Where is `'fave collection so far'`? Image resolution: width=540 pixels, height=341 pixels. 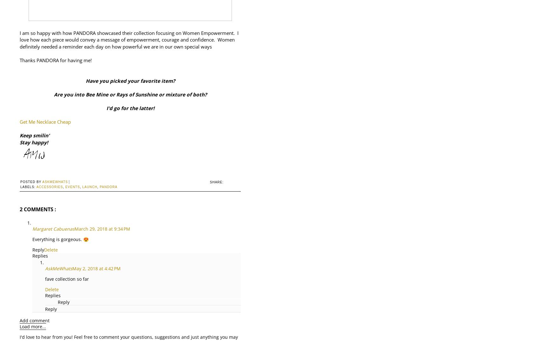
'fave collection so far' is located at coordinates (66, 279).